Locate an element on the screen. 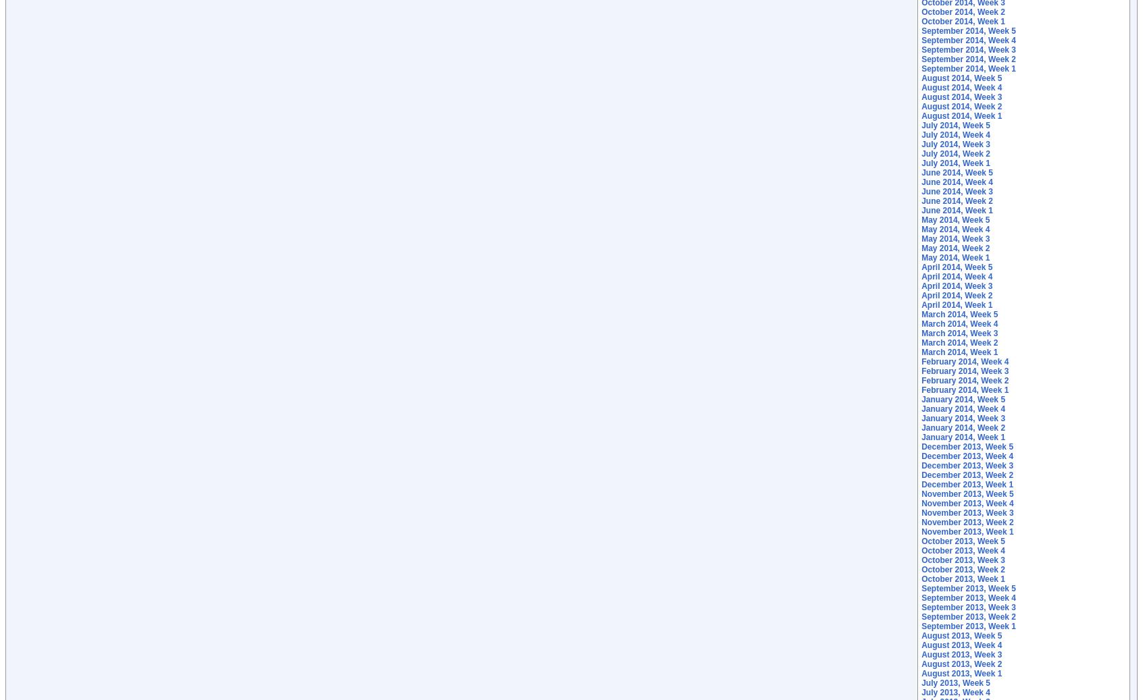 The image size is (1143, 700). 'May 2014, Week 5' is located at coordinates (955, 219).